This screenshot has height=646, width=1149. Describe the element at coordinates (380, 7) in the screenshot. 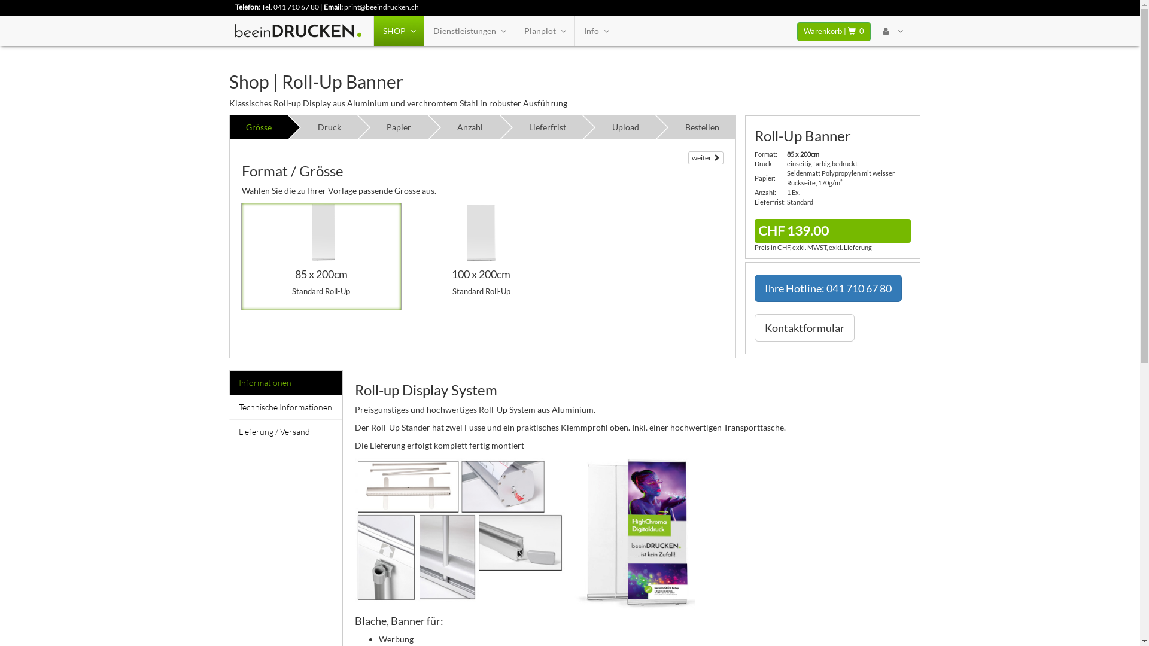

I see `'print@beeindrucken.ch'` at that location.